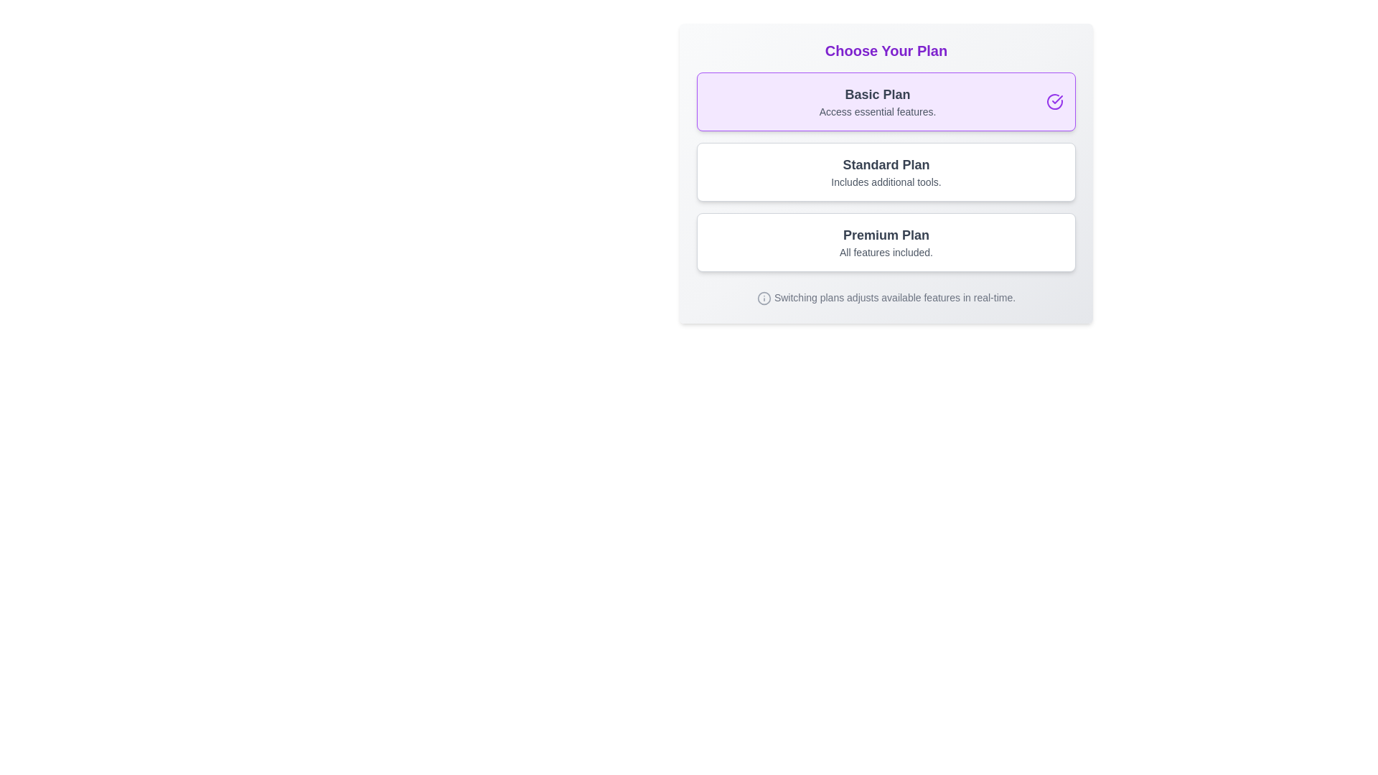 Image resolution: width=1378 pixels, height=775 pixels. What do you see at coordinates (894, 297) in the screenshot?
I see `the gray text label that reads 'Switching plans adjusts available features in real-time.' positioned below the 'Choose Your Plan' section` at bounding box center [894, 297].